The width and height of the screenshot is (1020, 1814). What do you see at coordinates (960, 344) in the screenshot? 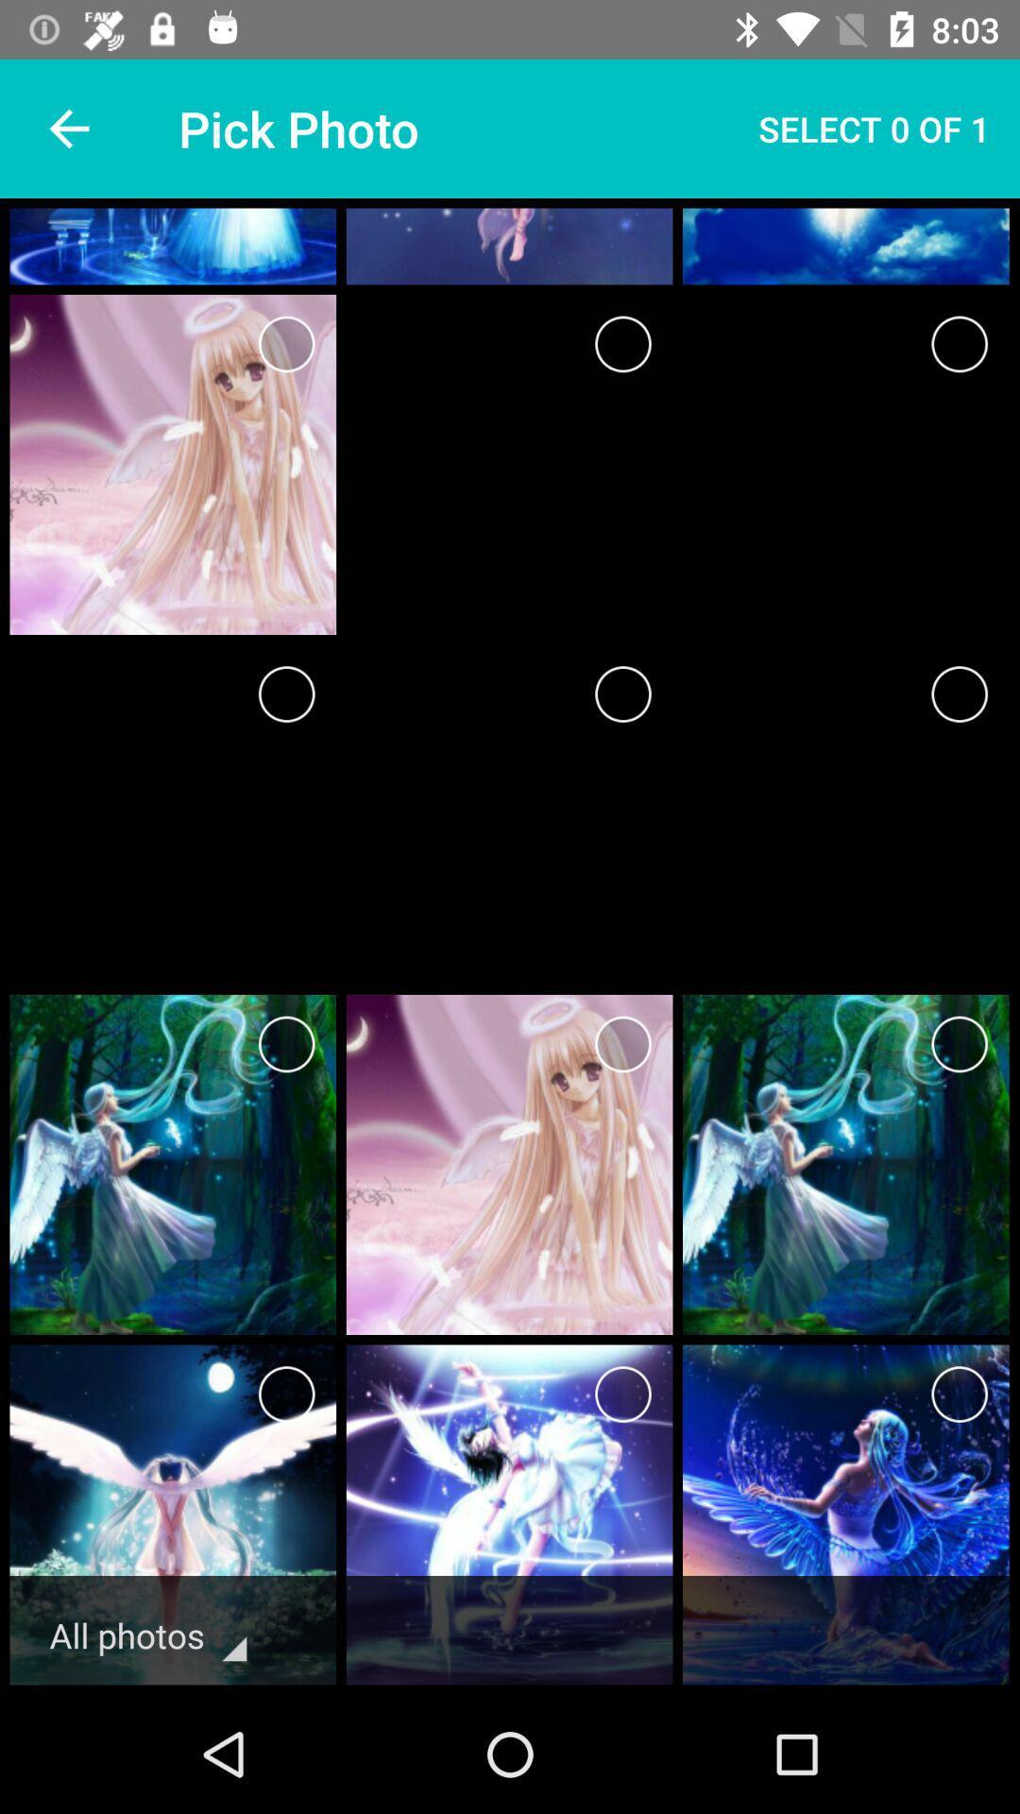
I see `choose a picture` at bounding box center [960, 344].